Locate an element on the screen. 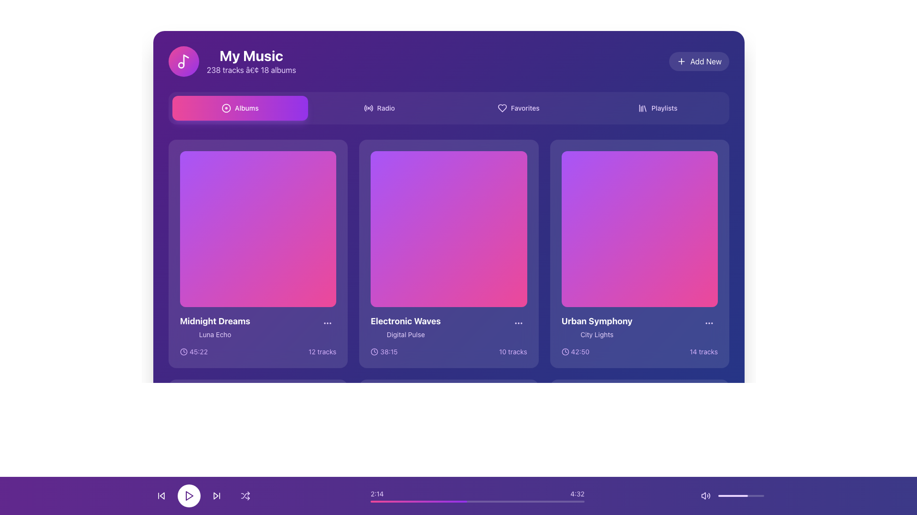 The height and width of the screenshot is (515, 917). the volume is located at coordinates (740, 495).